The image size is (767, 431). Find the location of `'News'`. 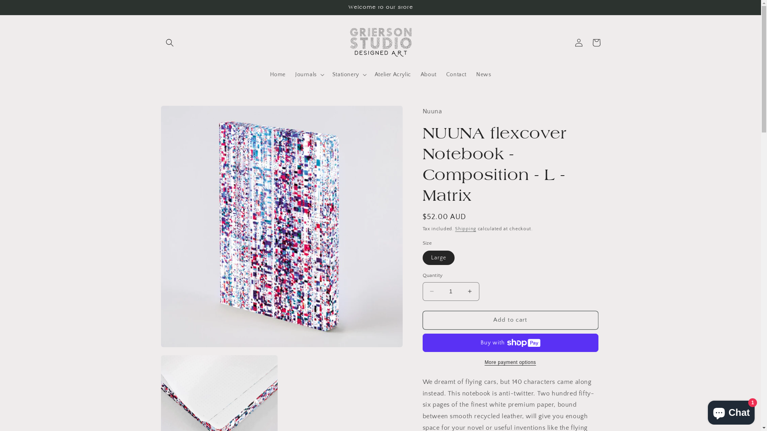

'News' is located at coordinates (471, 74).